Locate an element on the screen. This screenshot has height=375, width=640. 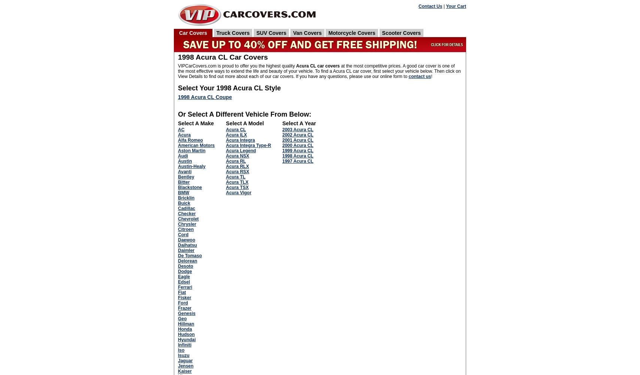
'Acura NSX' is located at coordinates (238, 156).